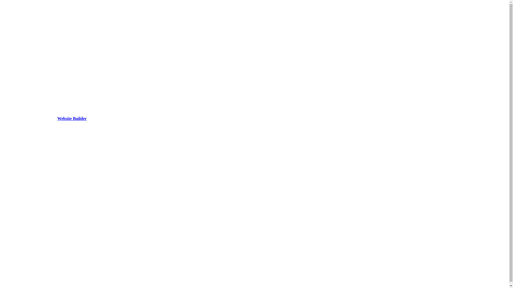  What do you see at coordinates (72, 118) in the screenshot?
I see `'Website Builder'` at bounding box center [72, 118].